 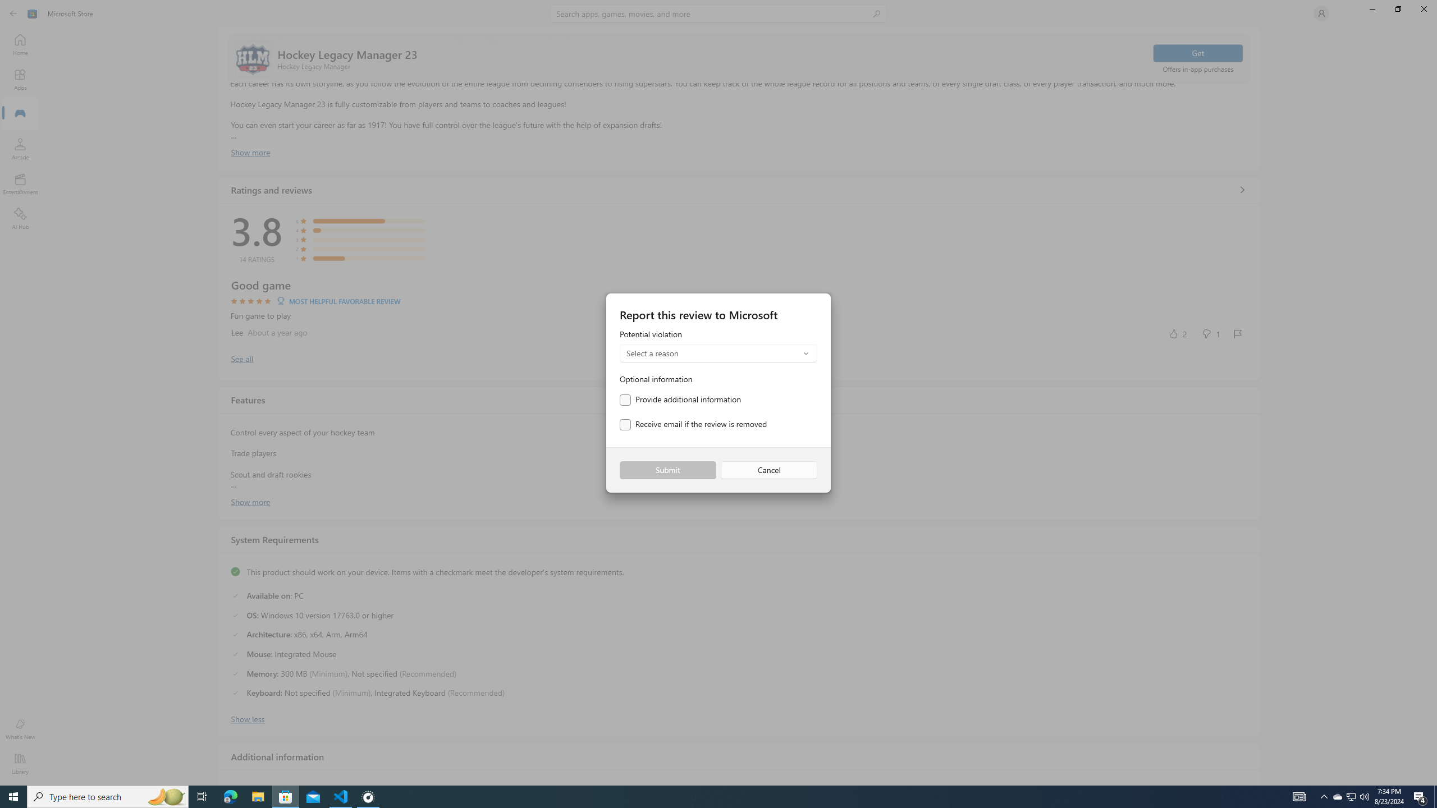 I want to click on 'AI Hub', so click(x=19, y=218).